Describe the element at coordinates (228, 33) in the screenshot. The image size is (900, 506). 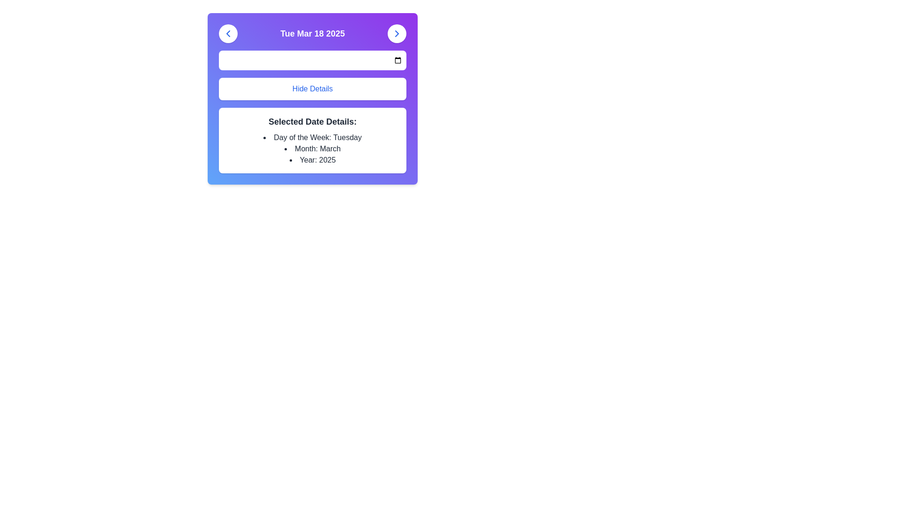
I see `the button located on the left side of the header section, preceding the text 'Tue Mar 18 2025'` at that location.